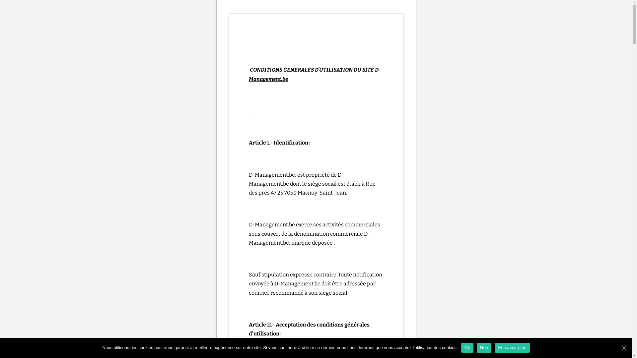  I want to click on 'En savoir plus', so click(512, 347).